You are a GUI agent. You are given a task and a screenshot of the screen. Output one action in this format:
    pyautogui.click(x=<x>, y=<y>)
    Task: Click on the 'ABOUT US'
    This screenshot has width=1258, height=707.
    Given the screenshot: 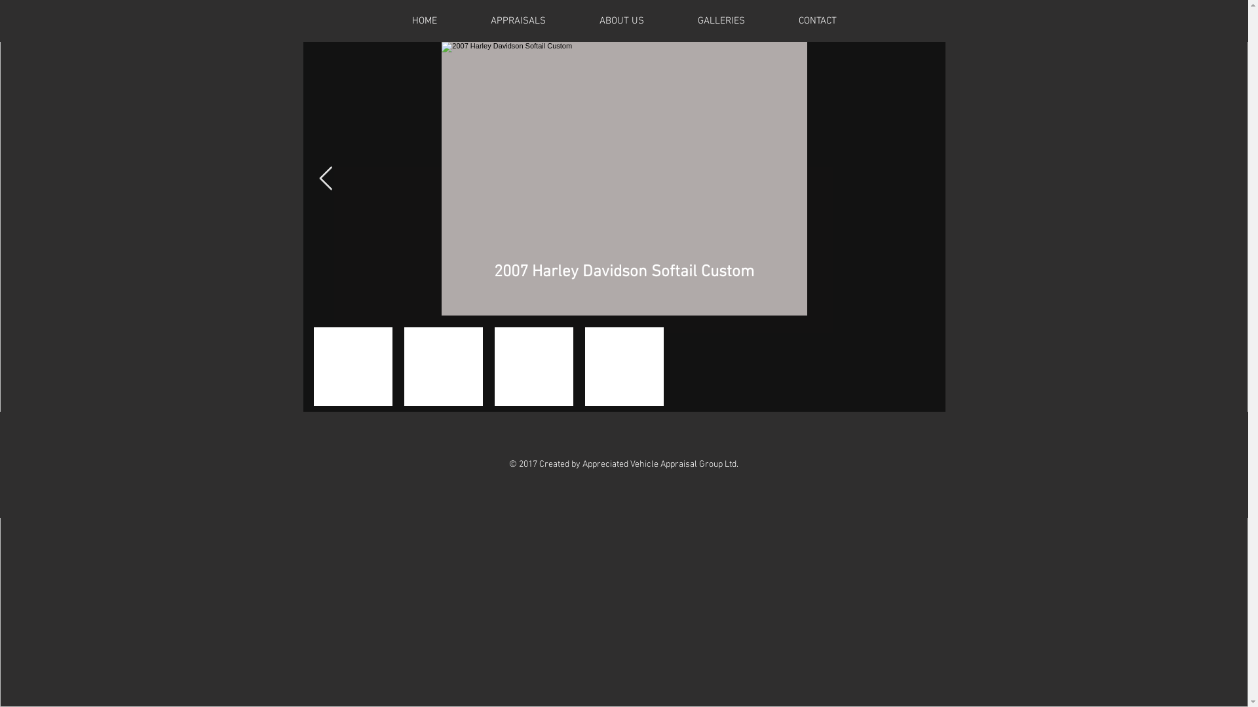 What is the action you would take?
    pyautogui.click(x=621, y=20)
    